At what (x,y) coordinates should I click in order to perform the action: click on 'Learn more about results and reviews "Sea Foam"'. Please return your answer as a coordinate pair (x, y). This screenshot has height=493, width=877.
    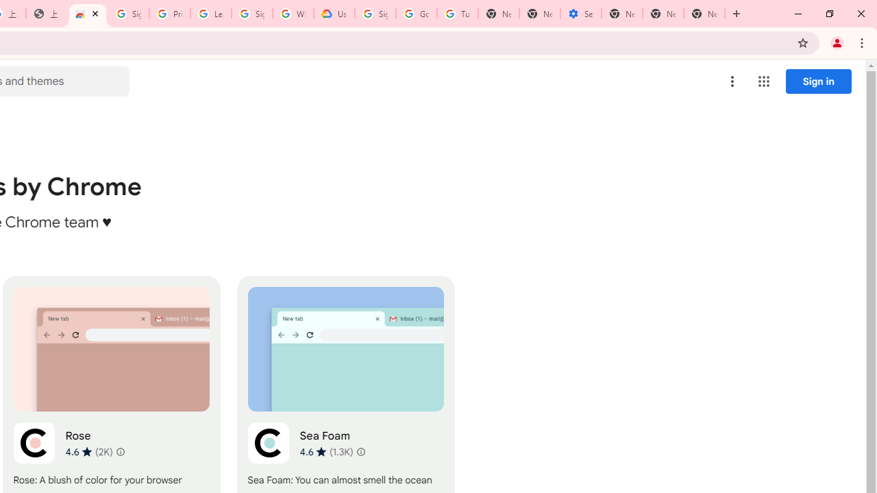
    Looking at the image, I should click on (360, 451).